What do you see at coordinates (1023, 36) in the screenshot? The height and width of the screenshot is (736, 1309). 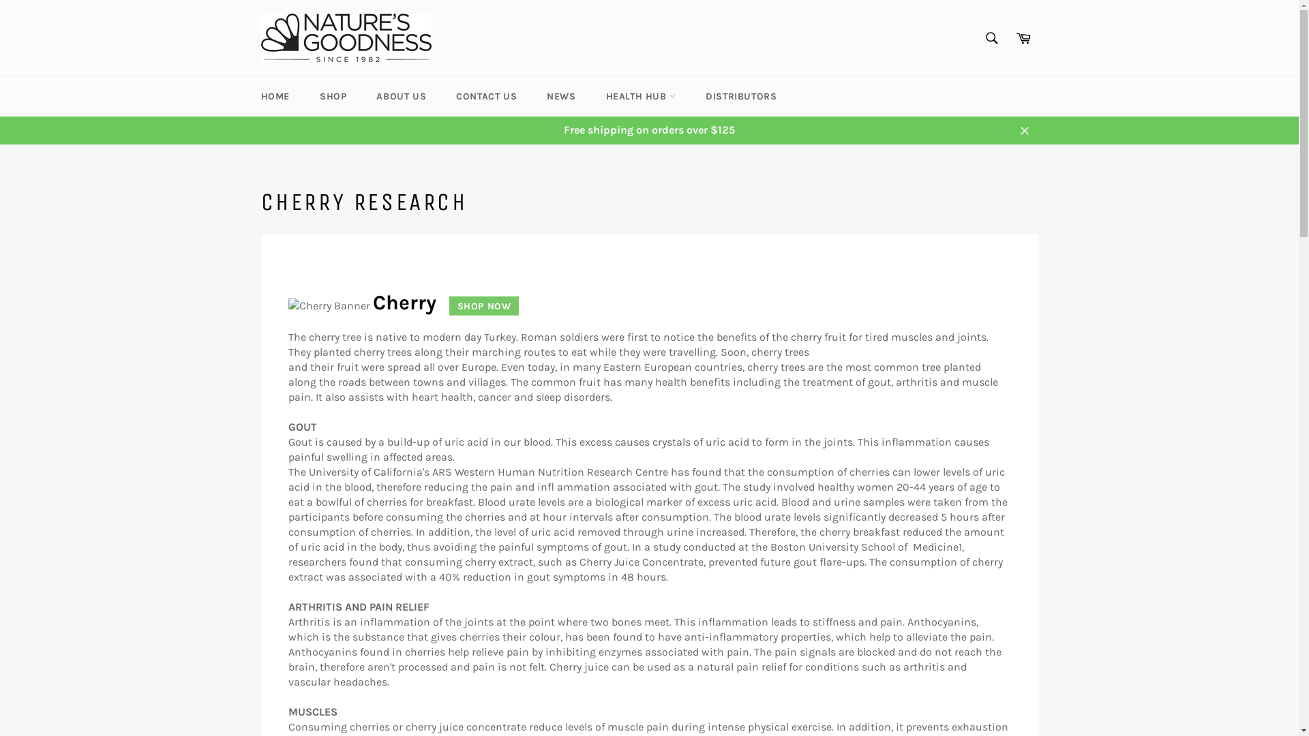 I see `'Cart'` at bounding box center [1023, 36].